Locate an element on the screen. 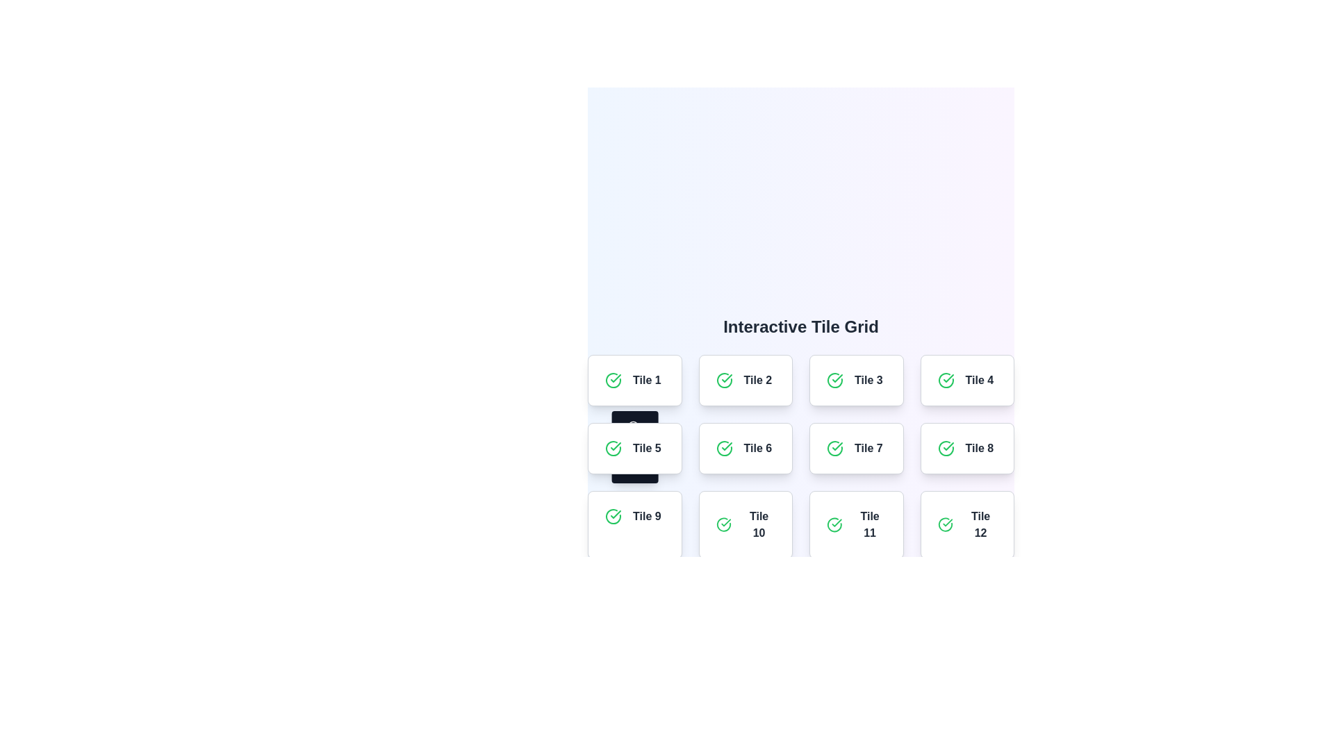  the sixth interactive tile in the grid layout, located in the second row and second column, to trigger a visual effect is located at coordinates (745, 448).